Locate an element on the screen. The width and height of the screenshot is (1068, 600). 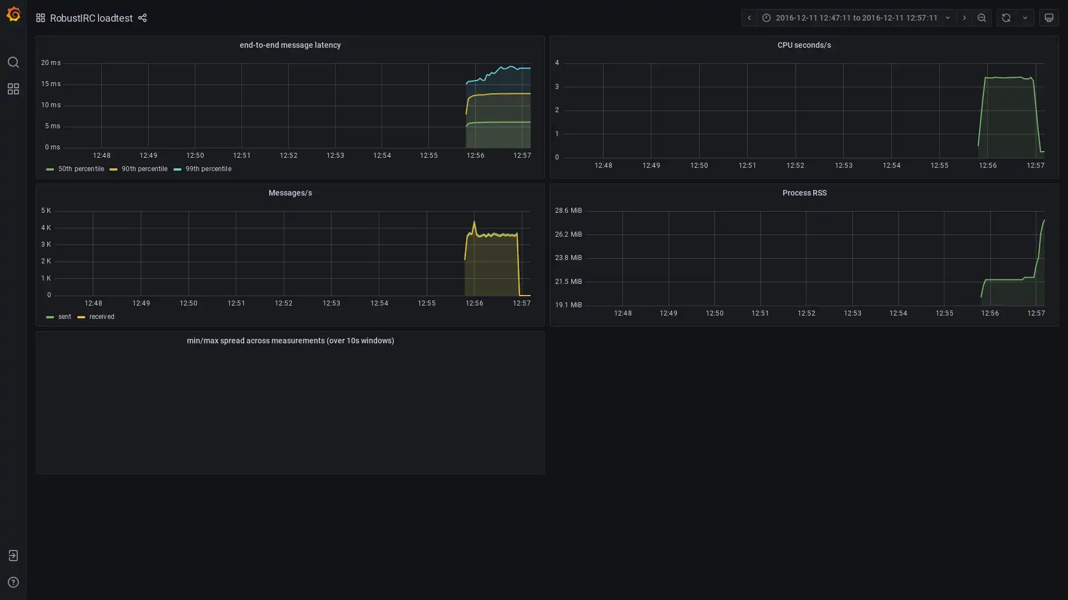
Share dashboard or panel is located at coordinates (141, 17).